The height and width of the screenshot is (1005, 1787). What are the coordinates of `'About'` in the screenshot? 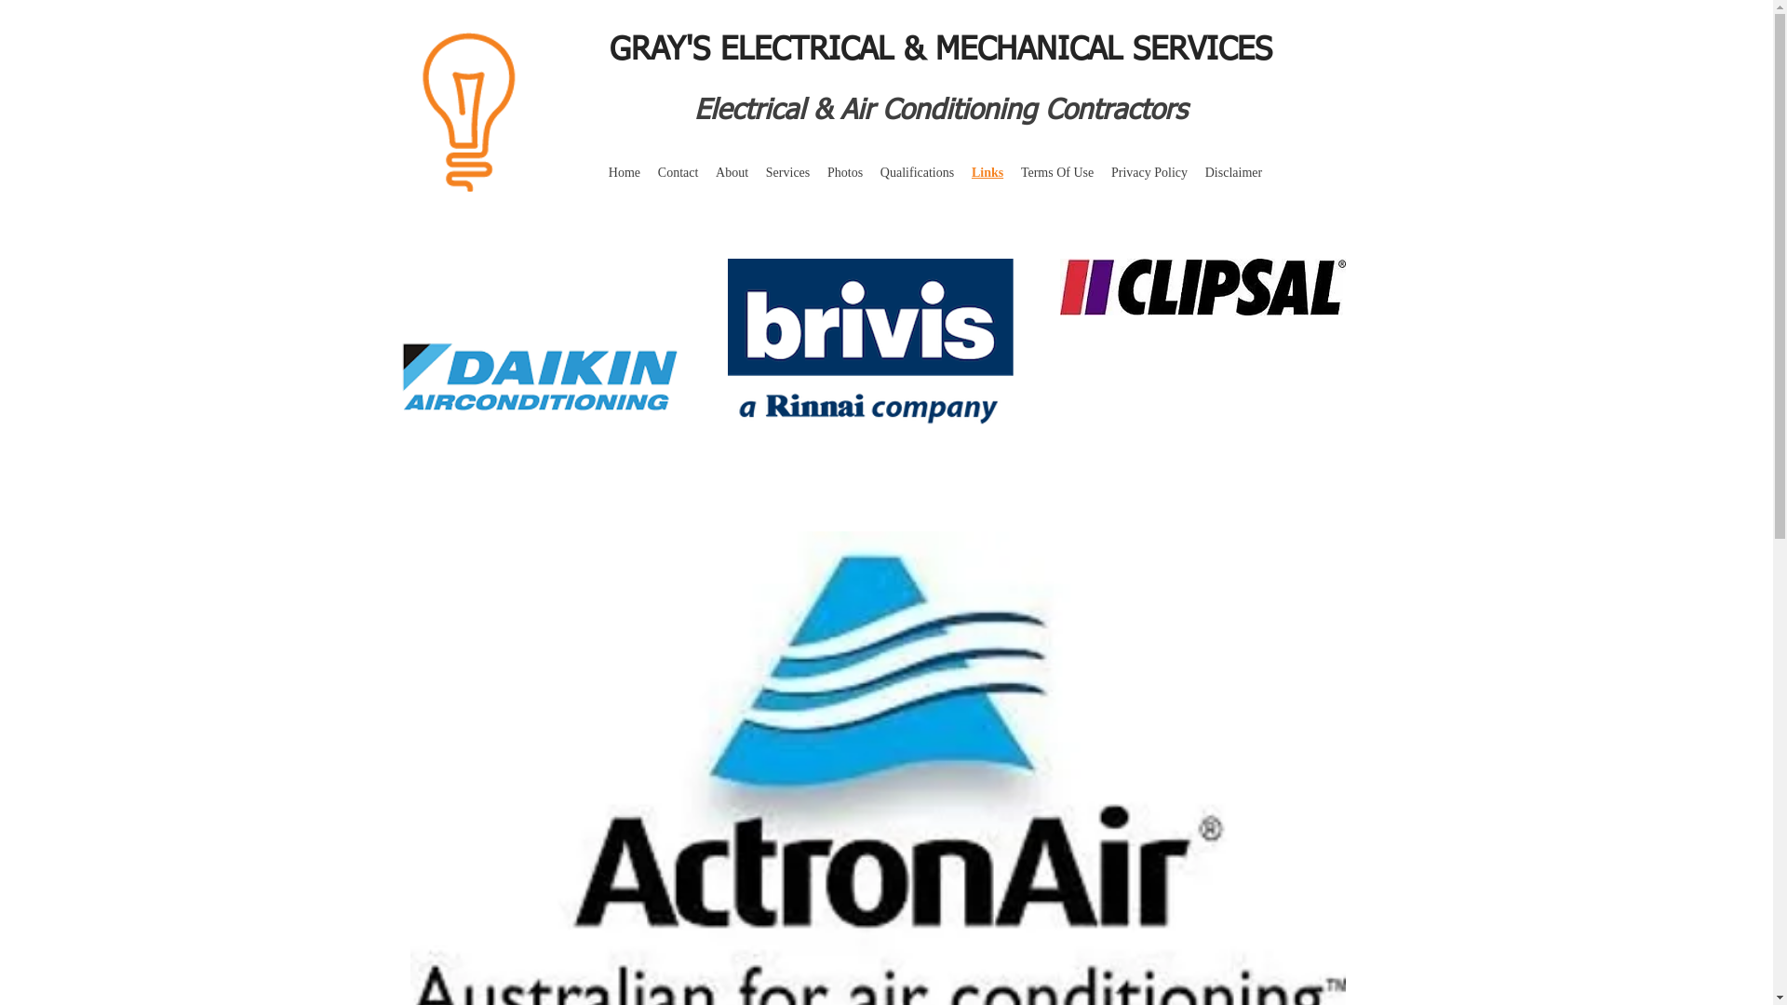 It's located at (732, 172).